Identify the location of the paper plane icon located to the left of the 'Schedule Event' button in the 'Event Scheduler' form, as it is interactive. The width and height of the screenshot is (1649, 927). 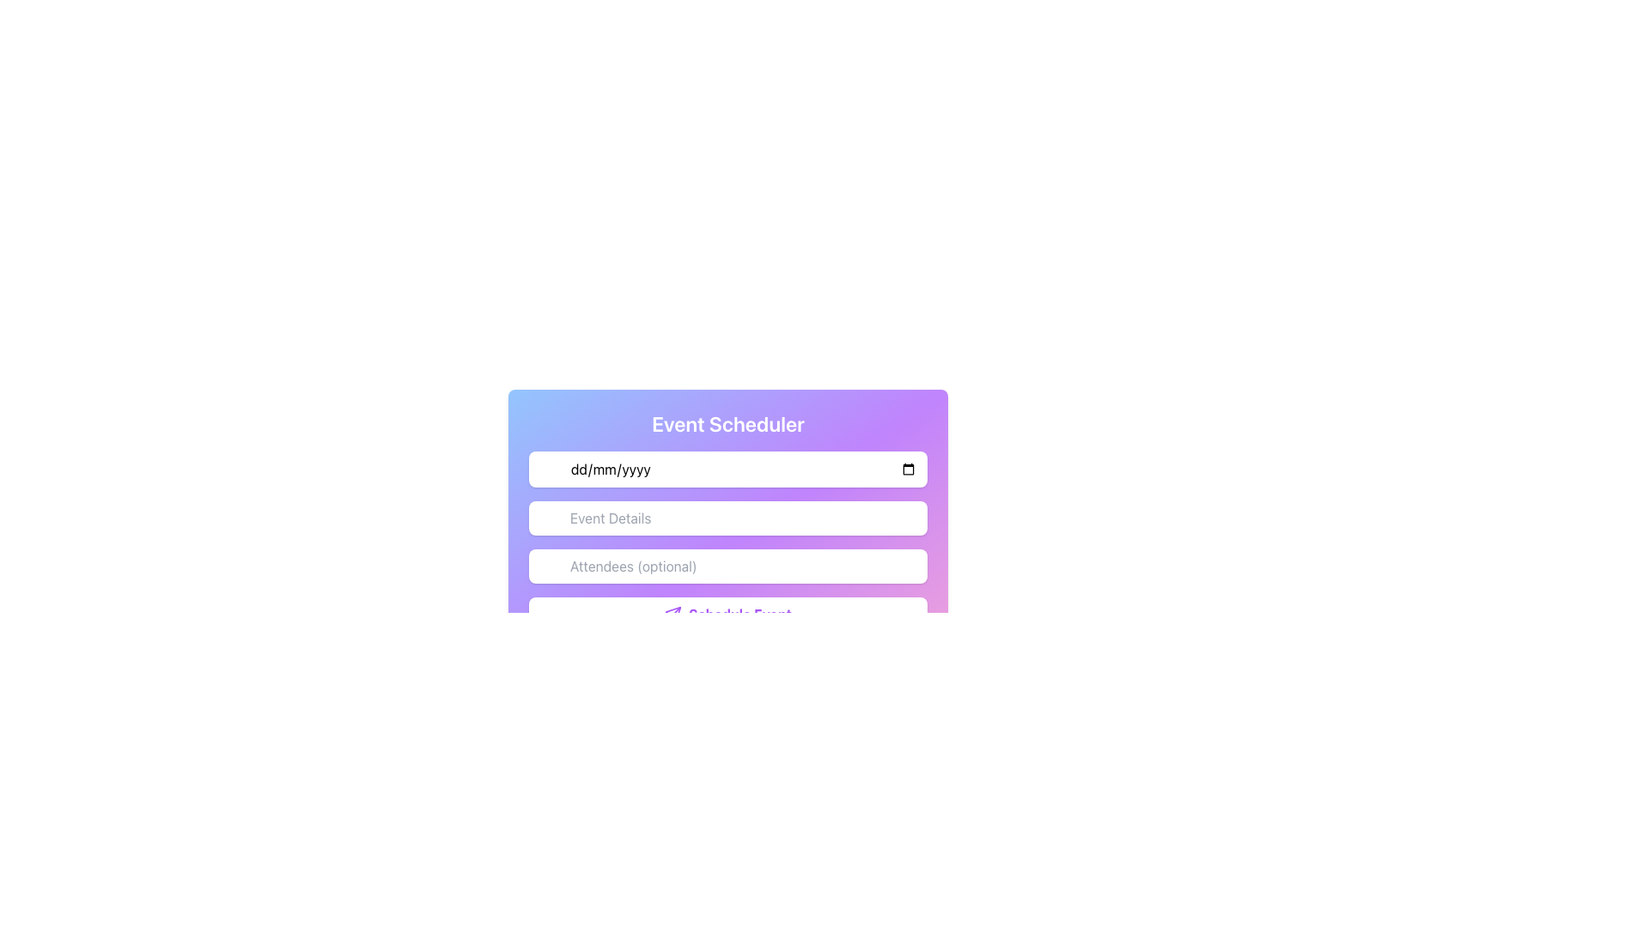
(672, 614).